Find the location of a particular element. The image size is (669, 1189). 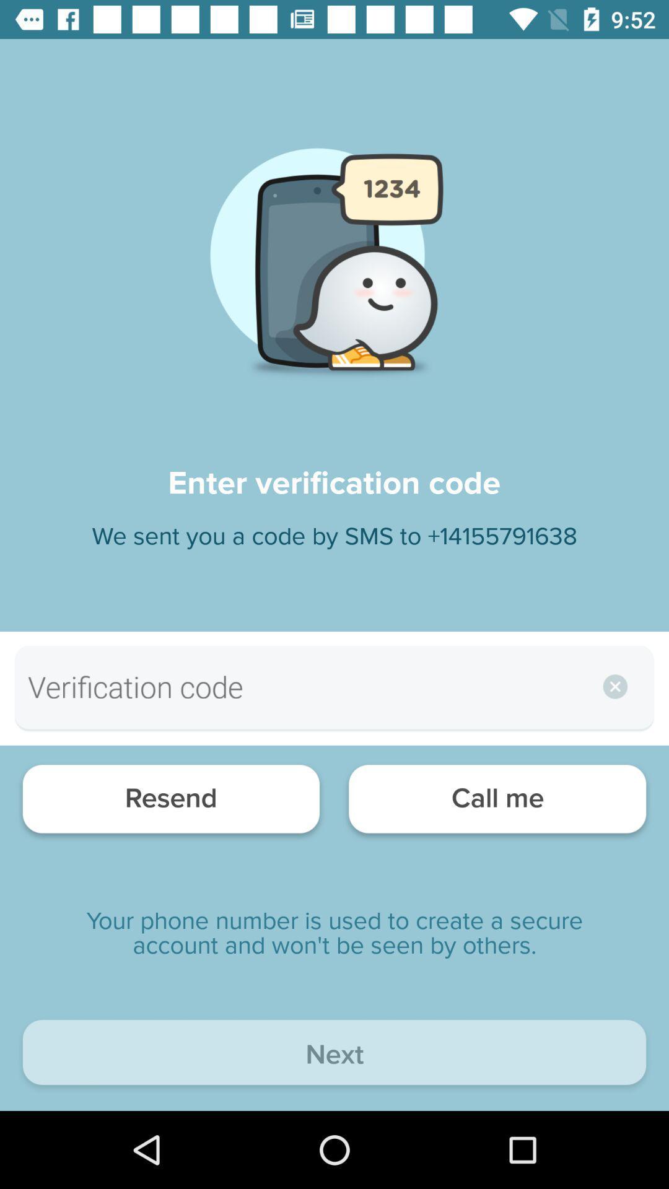

the item at the bottom left corner is located at coordinates (171, 802).